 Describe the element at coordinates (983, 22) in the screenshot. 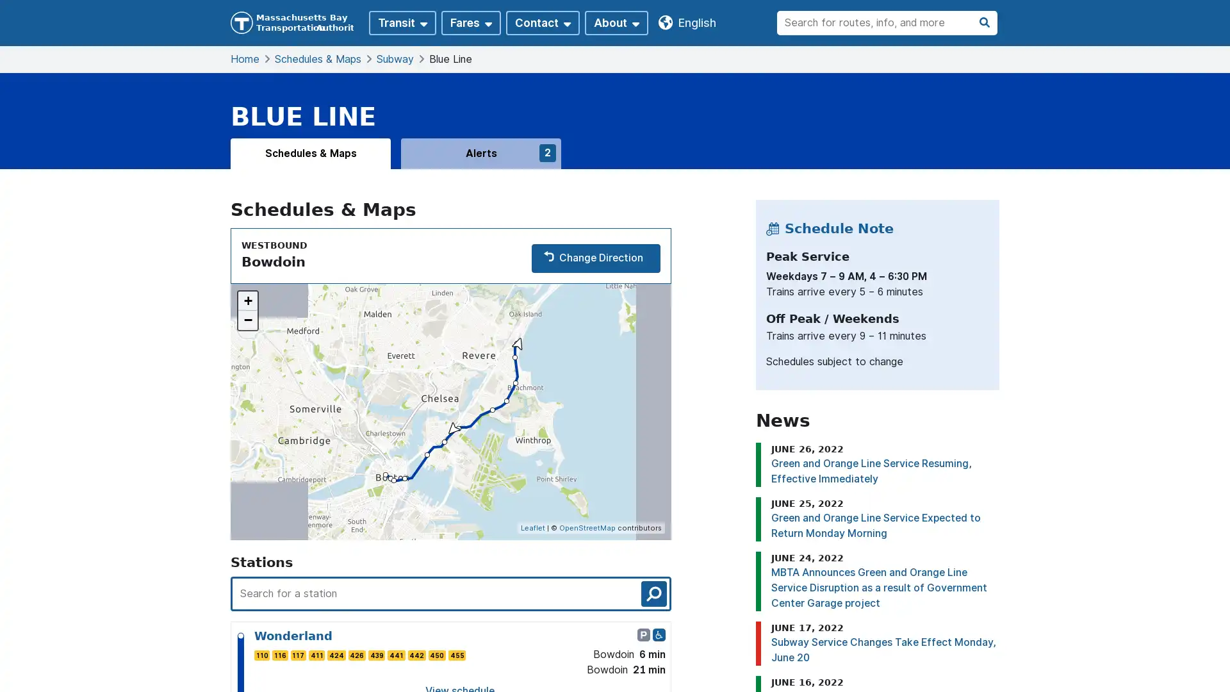

I see `search` at that location.